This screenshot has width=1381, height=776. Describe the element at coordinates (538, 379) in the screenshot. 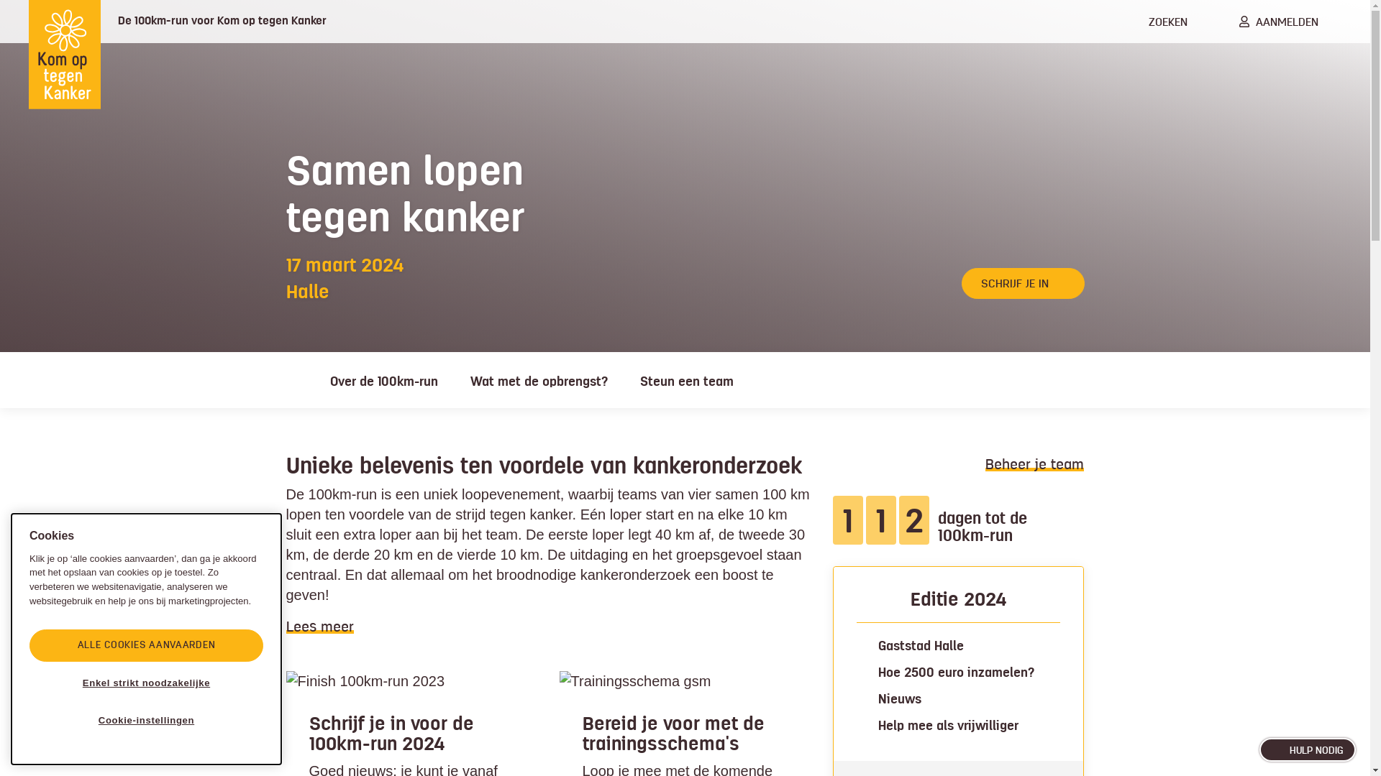

I see `'Wat met de opbrengst?'` at that location.